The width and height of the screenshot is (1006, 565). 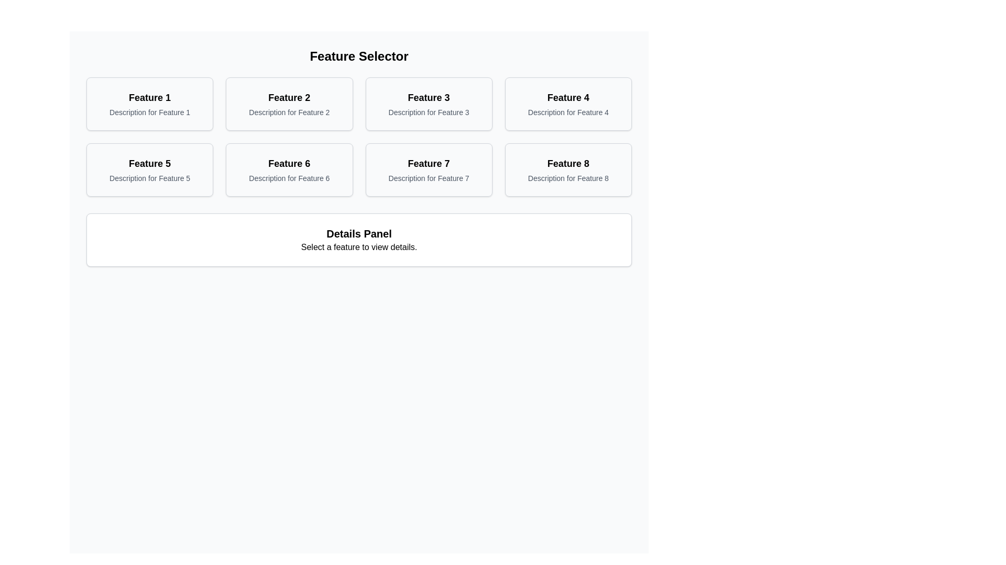 I want to click on the text label 'Feature 4' which is prominently displayed at the upper part of its tile component, so click(x=567, y=97).